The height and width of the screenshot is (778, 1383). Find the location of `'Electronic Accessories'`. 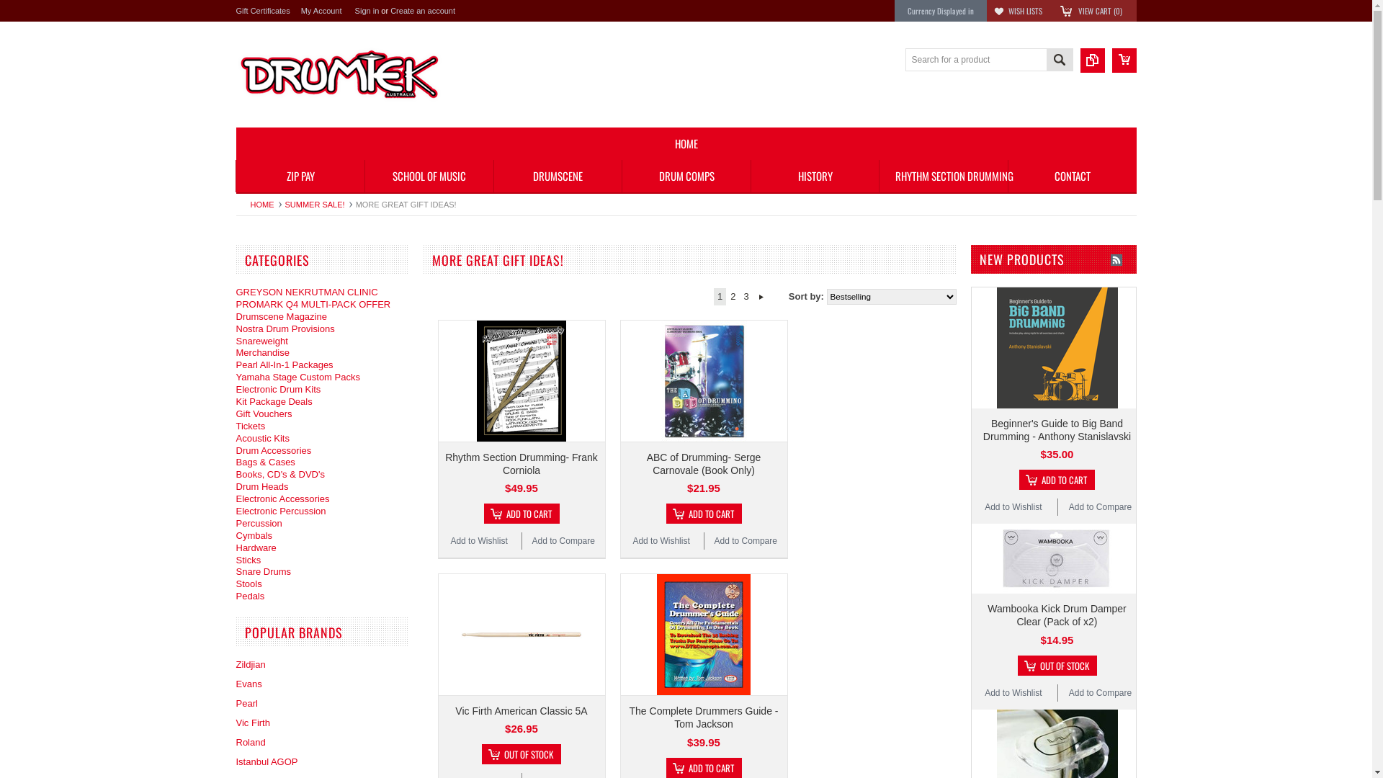

'Electronic Accessories' is located at coordinates (283, 498).